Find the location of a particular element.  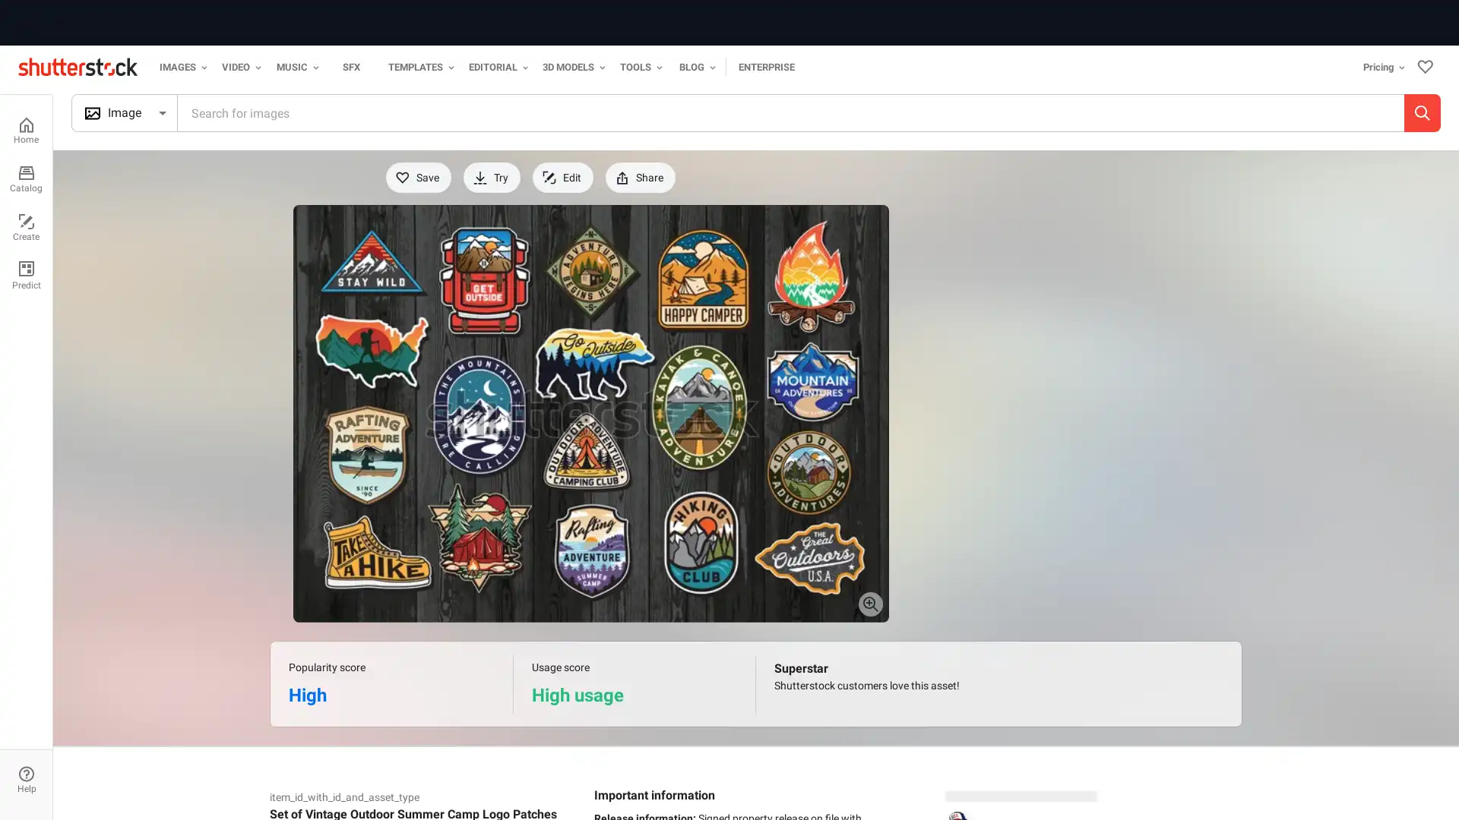

Tools is located at coordinates (639, 66).